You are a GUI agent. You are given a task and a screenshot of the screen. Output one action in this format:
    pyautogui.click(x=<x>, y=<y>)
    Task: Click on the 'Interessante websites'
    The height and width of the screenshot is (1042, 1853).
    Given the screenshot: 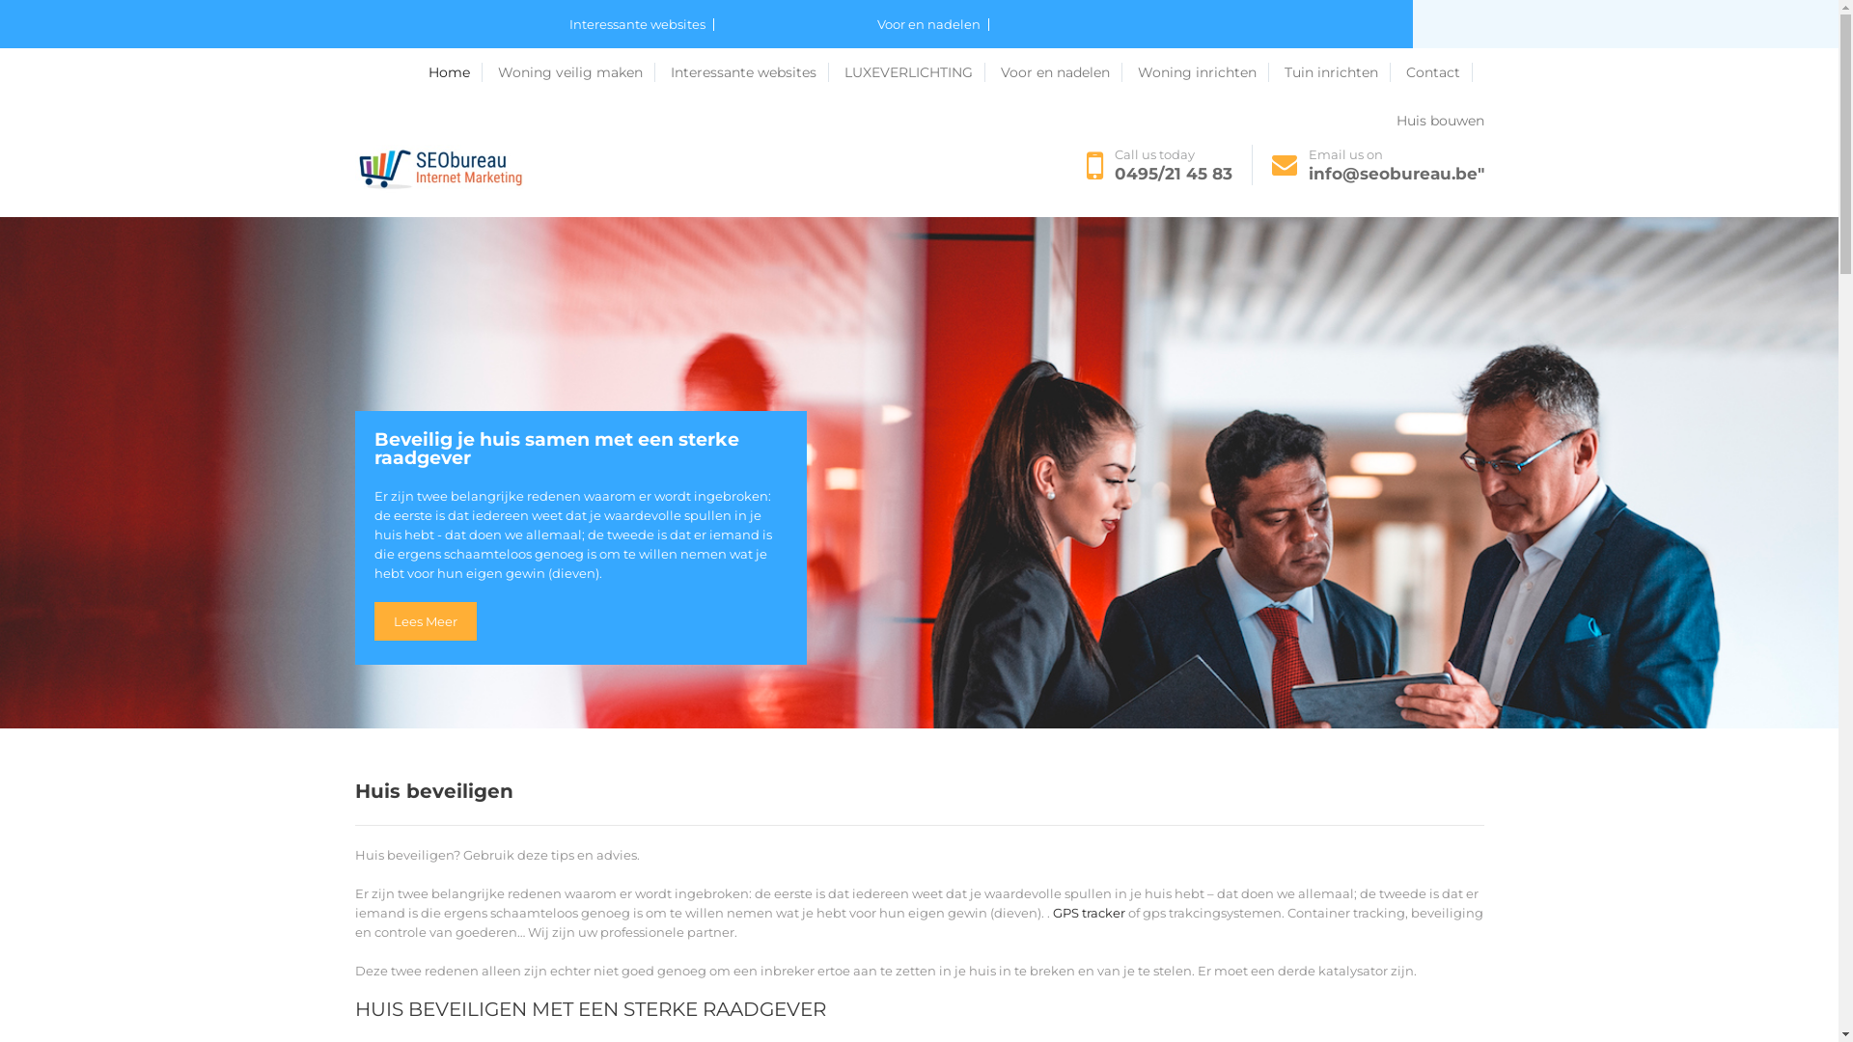 What is the action you would take?
    pyautogui.click(x=670, y=70)
    